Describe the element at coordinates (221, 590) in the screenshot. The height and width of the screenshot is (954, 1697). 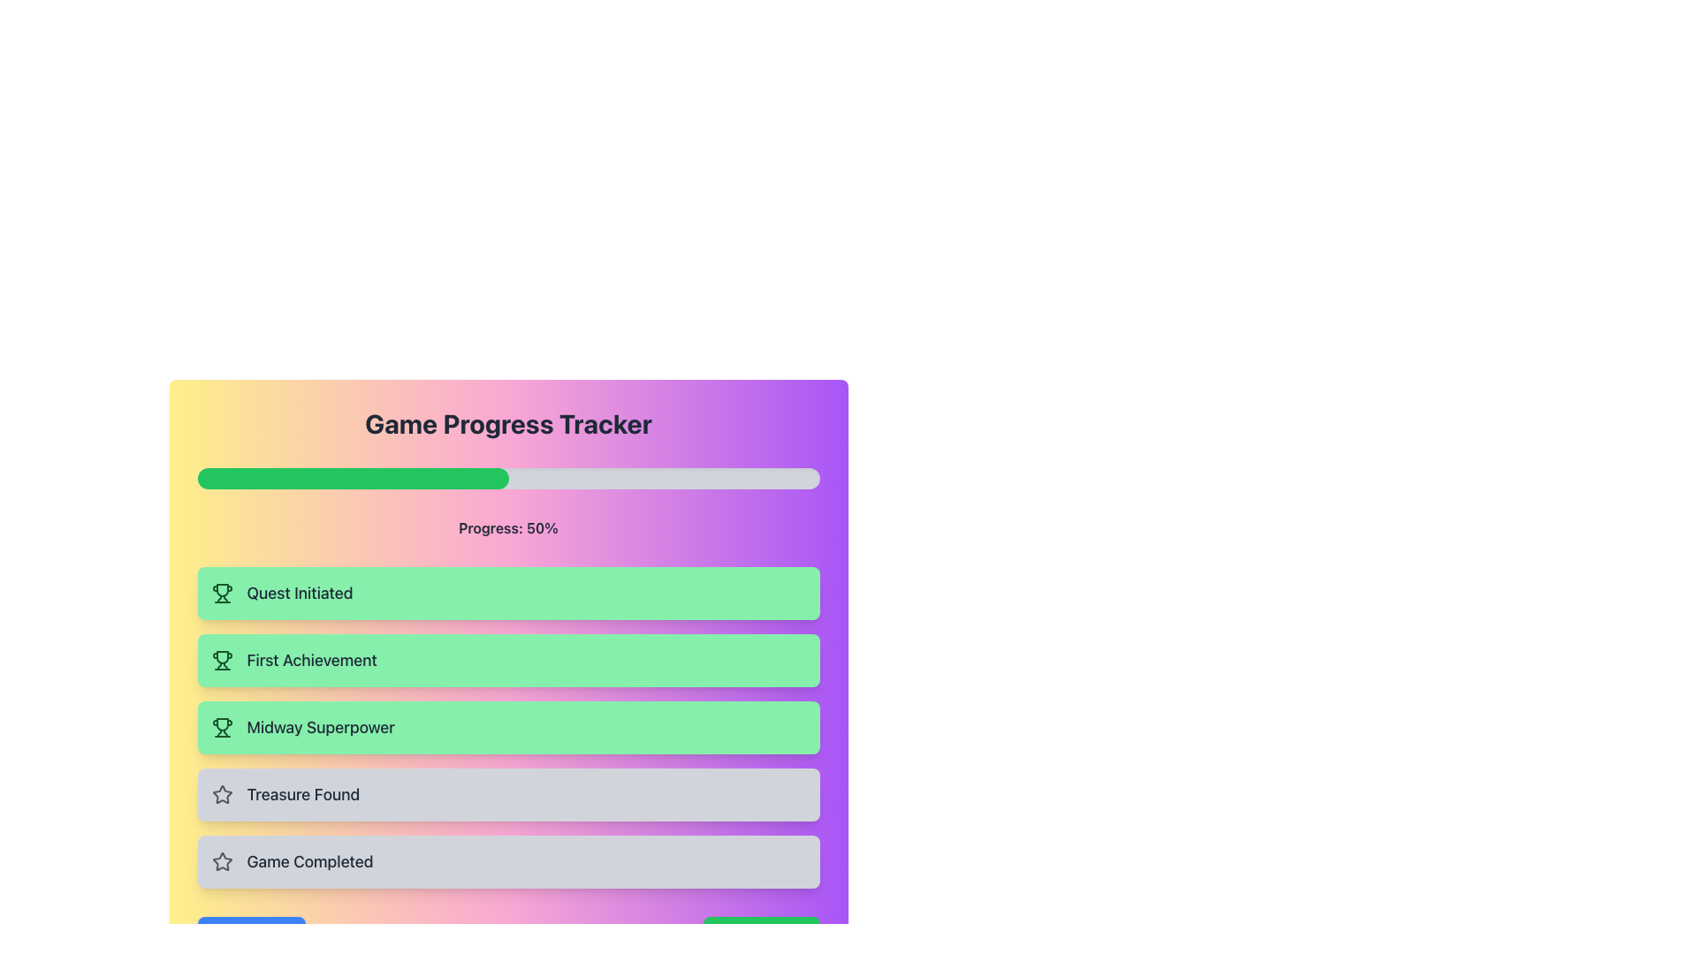
I see `the 'Quest Initiated' achievement icon located in the first row of the achievement list` at that location.